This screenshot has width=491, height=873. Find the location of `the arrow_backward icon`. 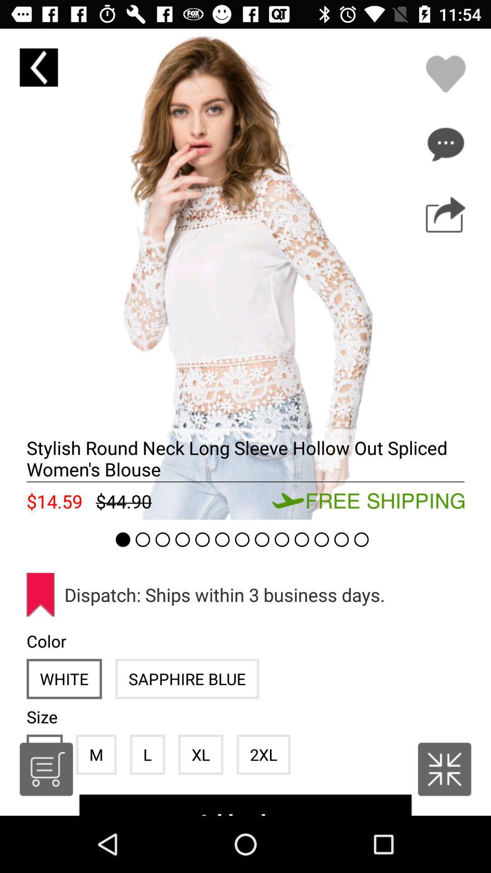

the arrow_backward icon is located at coordinates (38, 67).